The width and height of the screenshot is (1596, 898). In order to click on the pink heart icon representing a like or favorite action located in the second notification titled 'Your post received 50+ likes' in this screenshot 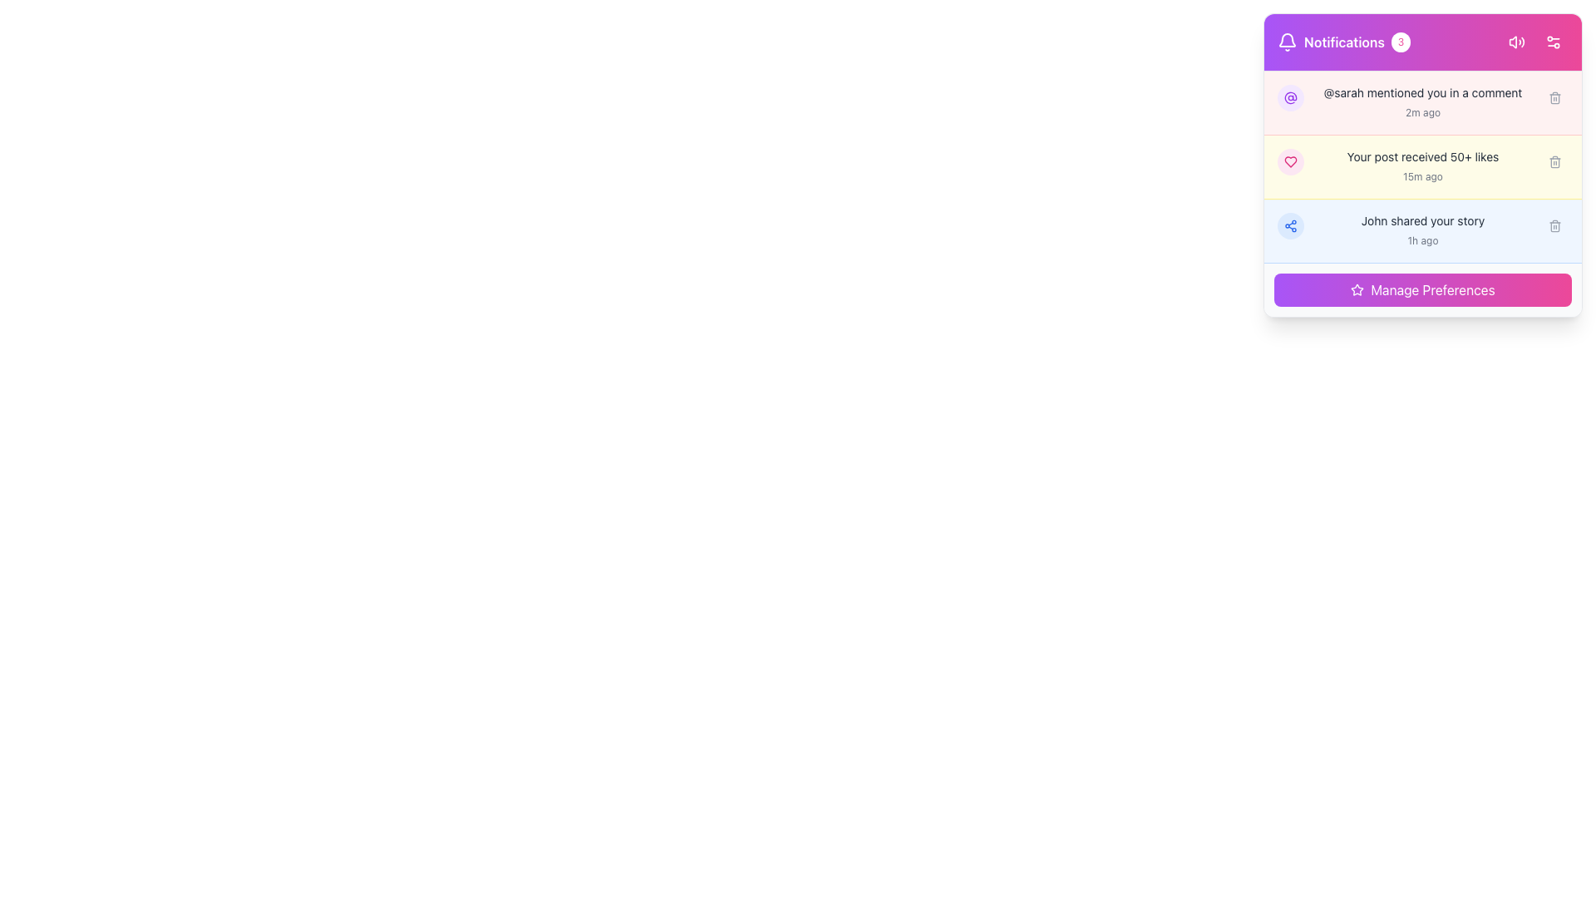, I will do `click(1290, 162)`.